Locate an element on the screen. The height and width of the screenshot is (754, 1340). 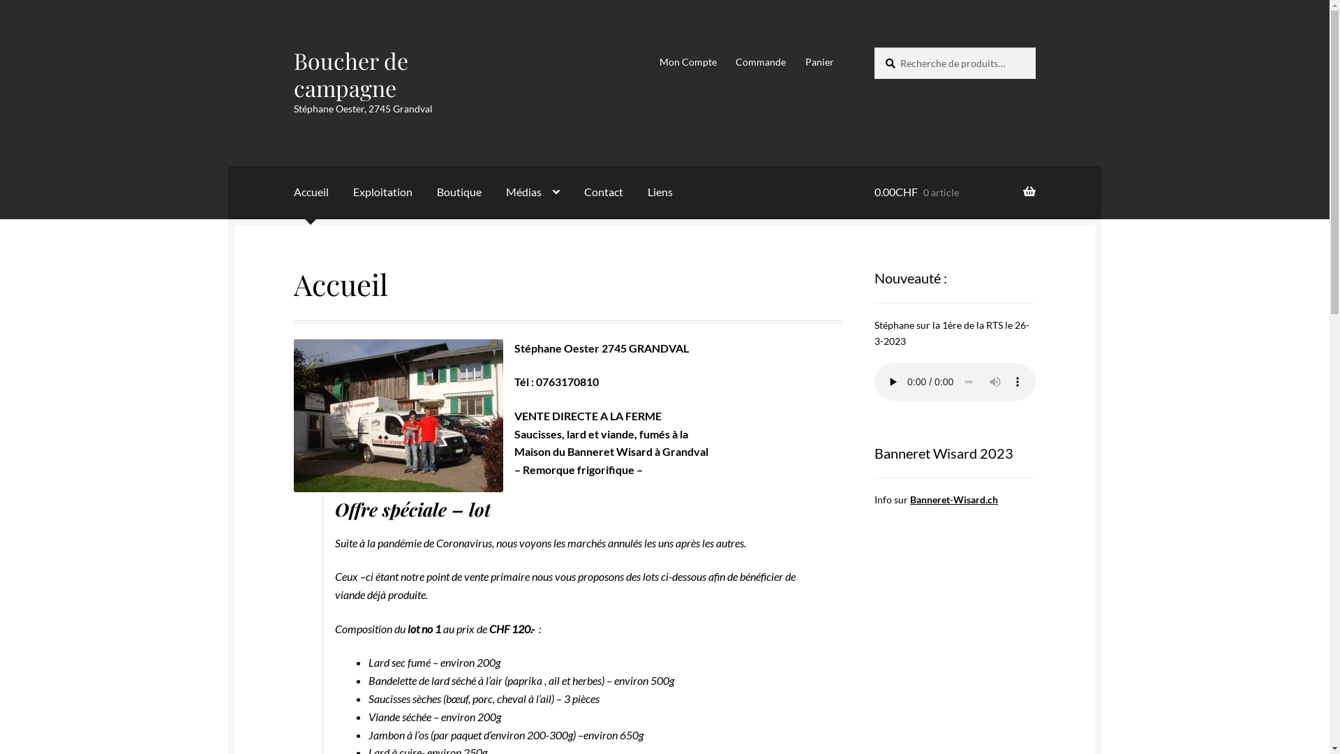
'Panier' is located at coordinates (819, 61).